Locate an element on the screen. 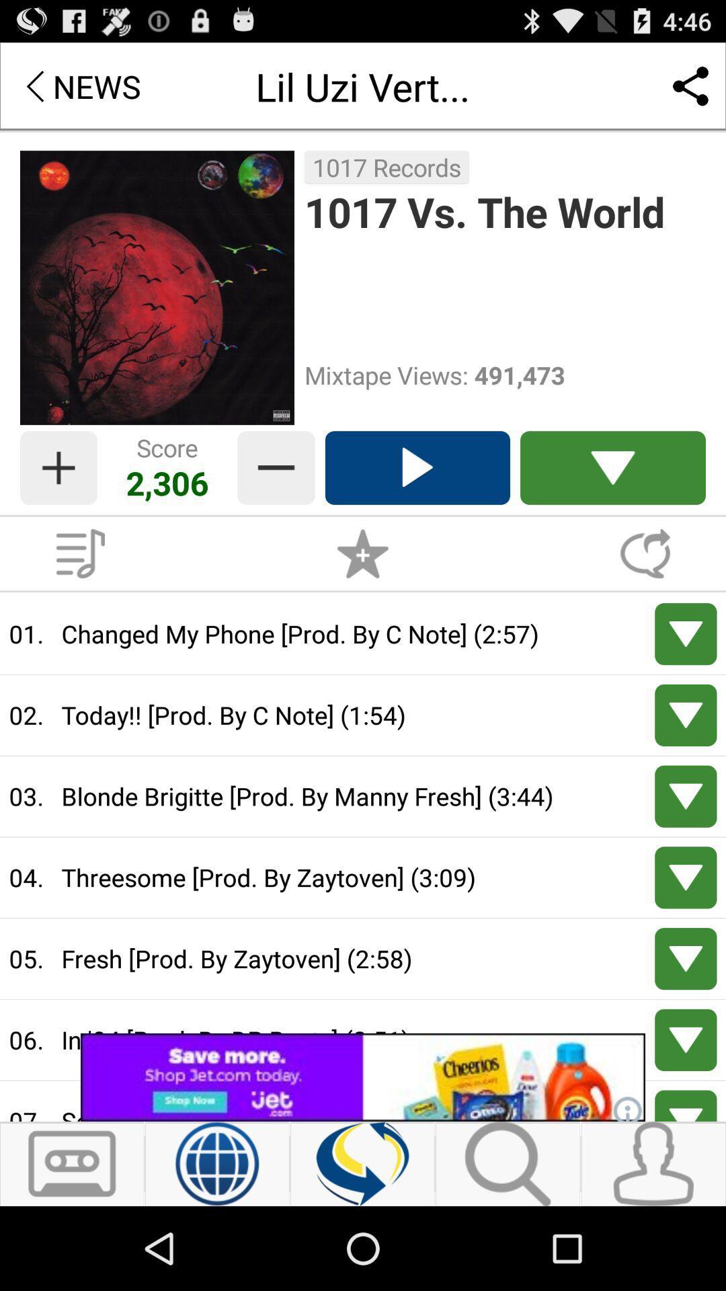 This screenshot has width=726, height=1291. the add icon is located at coordinates (58, 500).